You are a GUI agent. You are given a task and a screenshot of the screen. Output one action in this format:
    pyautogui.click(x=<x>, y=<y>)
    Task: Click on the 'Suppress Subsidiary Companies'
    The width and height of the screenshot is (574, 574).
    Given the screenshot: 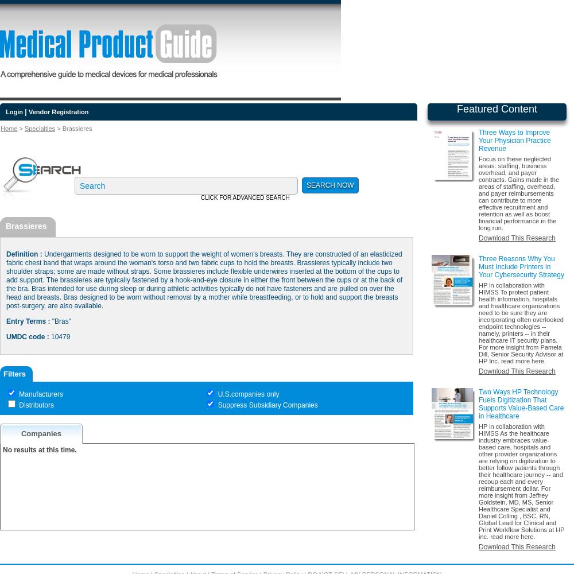 What is the action you would take?
    pyautogui.click(x=266, y=405)
    